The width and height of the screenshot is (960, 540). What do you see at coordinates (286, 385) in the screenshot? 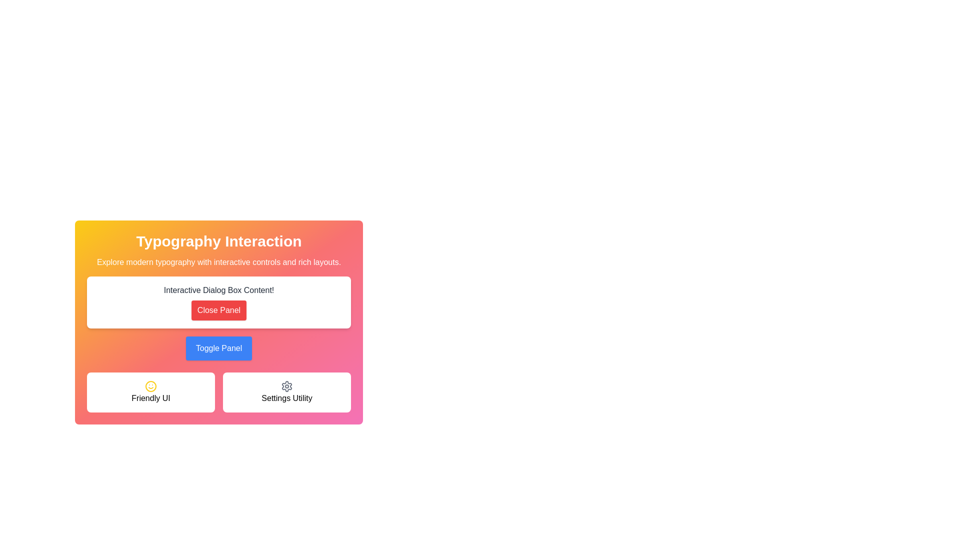
I see `the gear icon located near the bottom-right area of the interface under the 'Settings Utility' label` at bounding box center [286, 385].